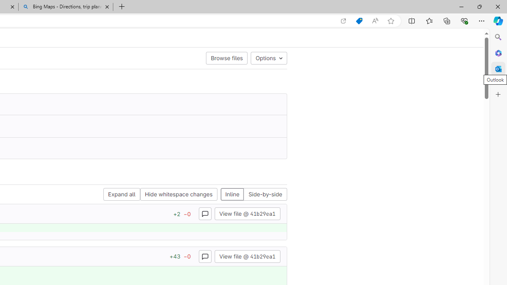 Image resolution: width=507 pixels, height=285 pixels. I want to click on 'Options', so click(269, 57).